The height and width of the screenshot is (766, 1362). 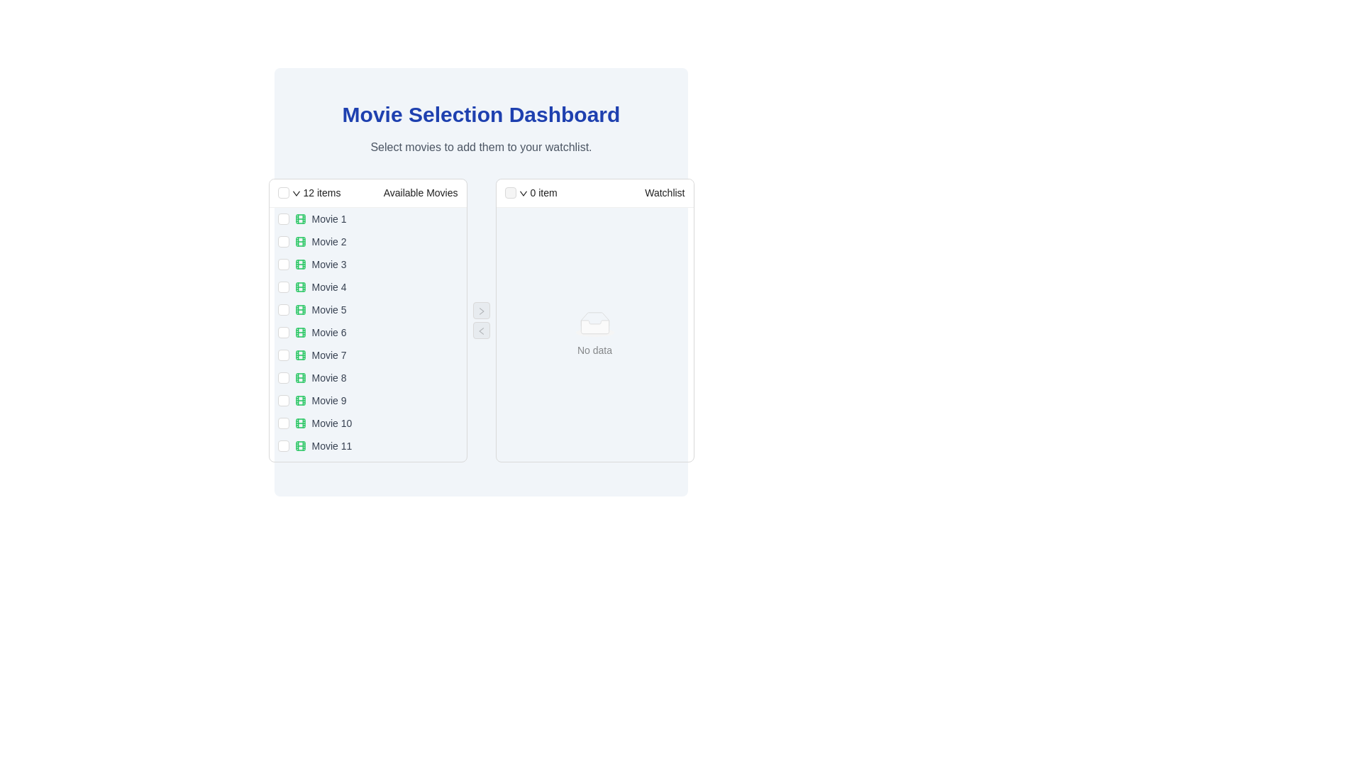 I want to click on the checkbox for 'Movie 5' in the 'Available Movies' list, so click(x=283, y=309).